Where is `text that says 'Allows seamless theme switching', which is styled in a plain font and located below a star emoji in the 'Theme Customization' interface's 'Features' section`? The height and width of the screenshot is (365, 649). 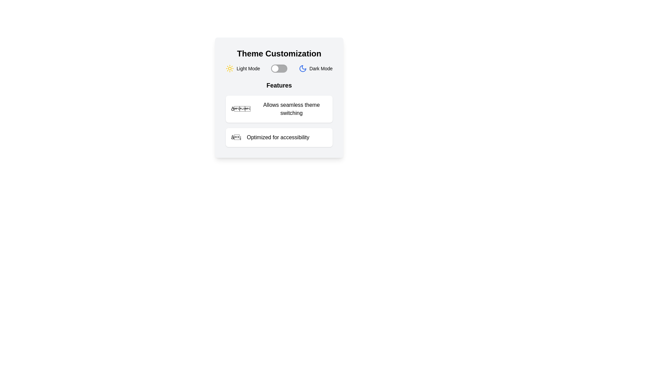
text that says 'Allows seamless theme switching', which is styled in a plain font and located below a star emoji in the 'Theme Customization' interface's 'Features' section is located at coordinates (291, 109).